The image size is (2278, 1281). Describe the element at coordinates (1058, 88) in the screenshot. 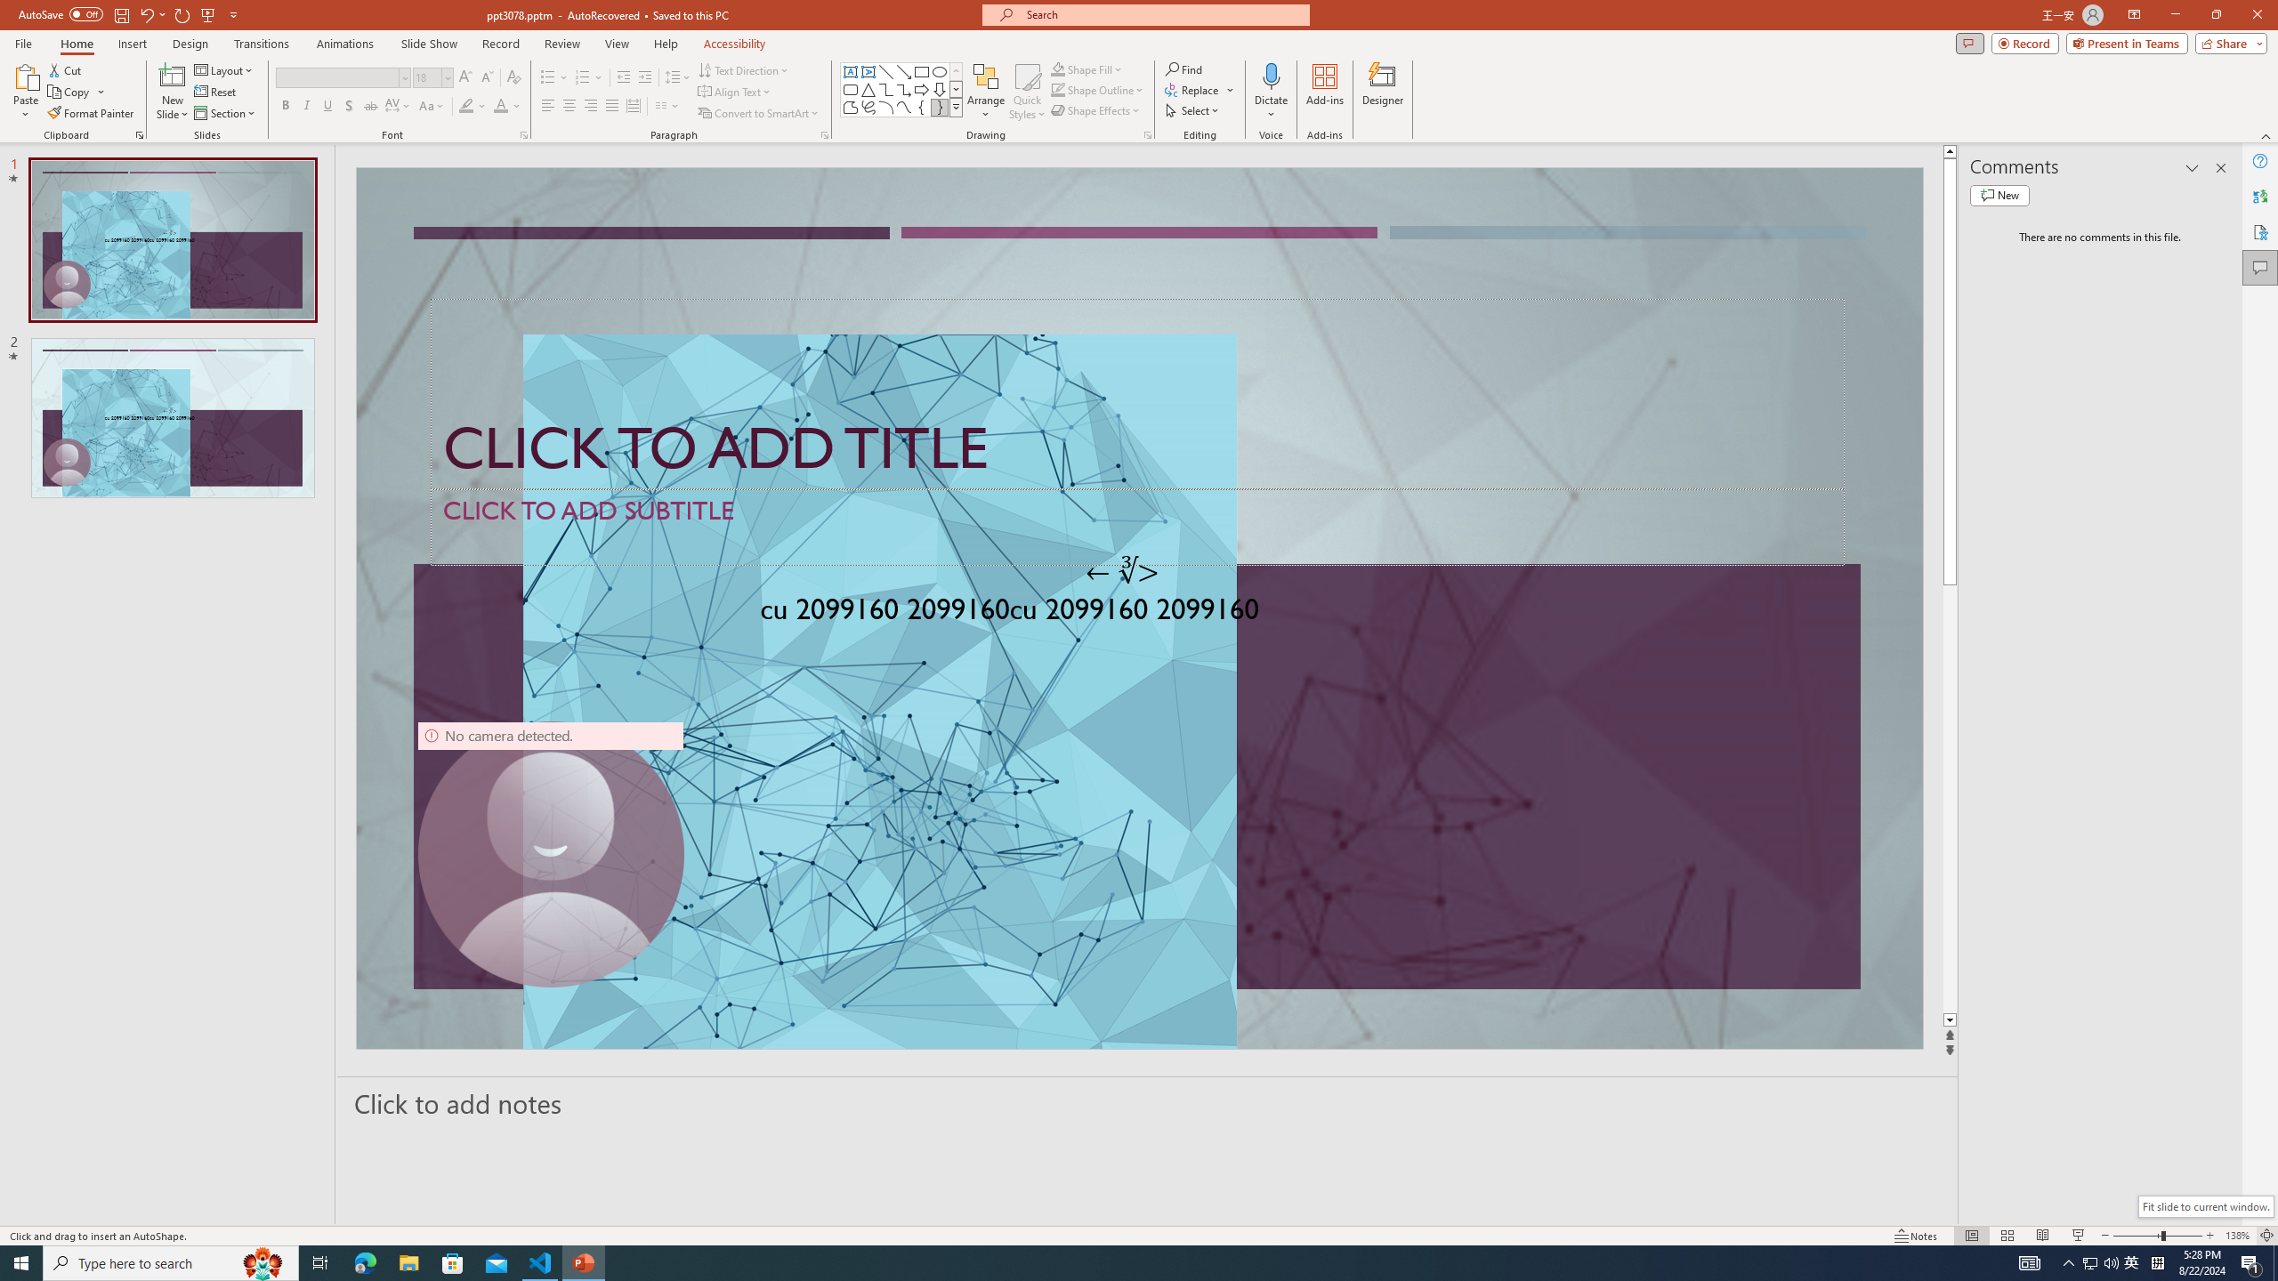

I see `'Shape Outline Green, Accent 1'` at that location.